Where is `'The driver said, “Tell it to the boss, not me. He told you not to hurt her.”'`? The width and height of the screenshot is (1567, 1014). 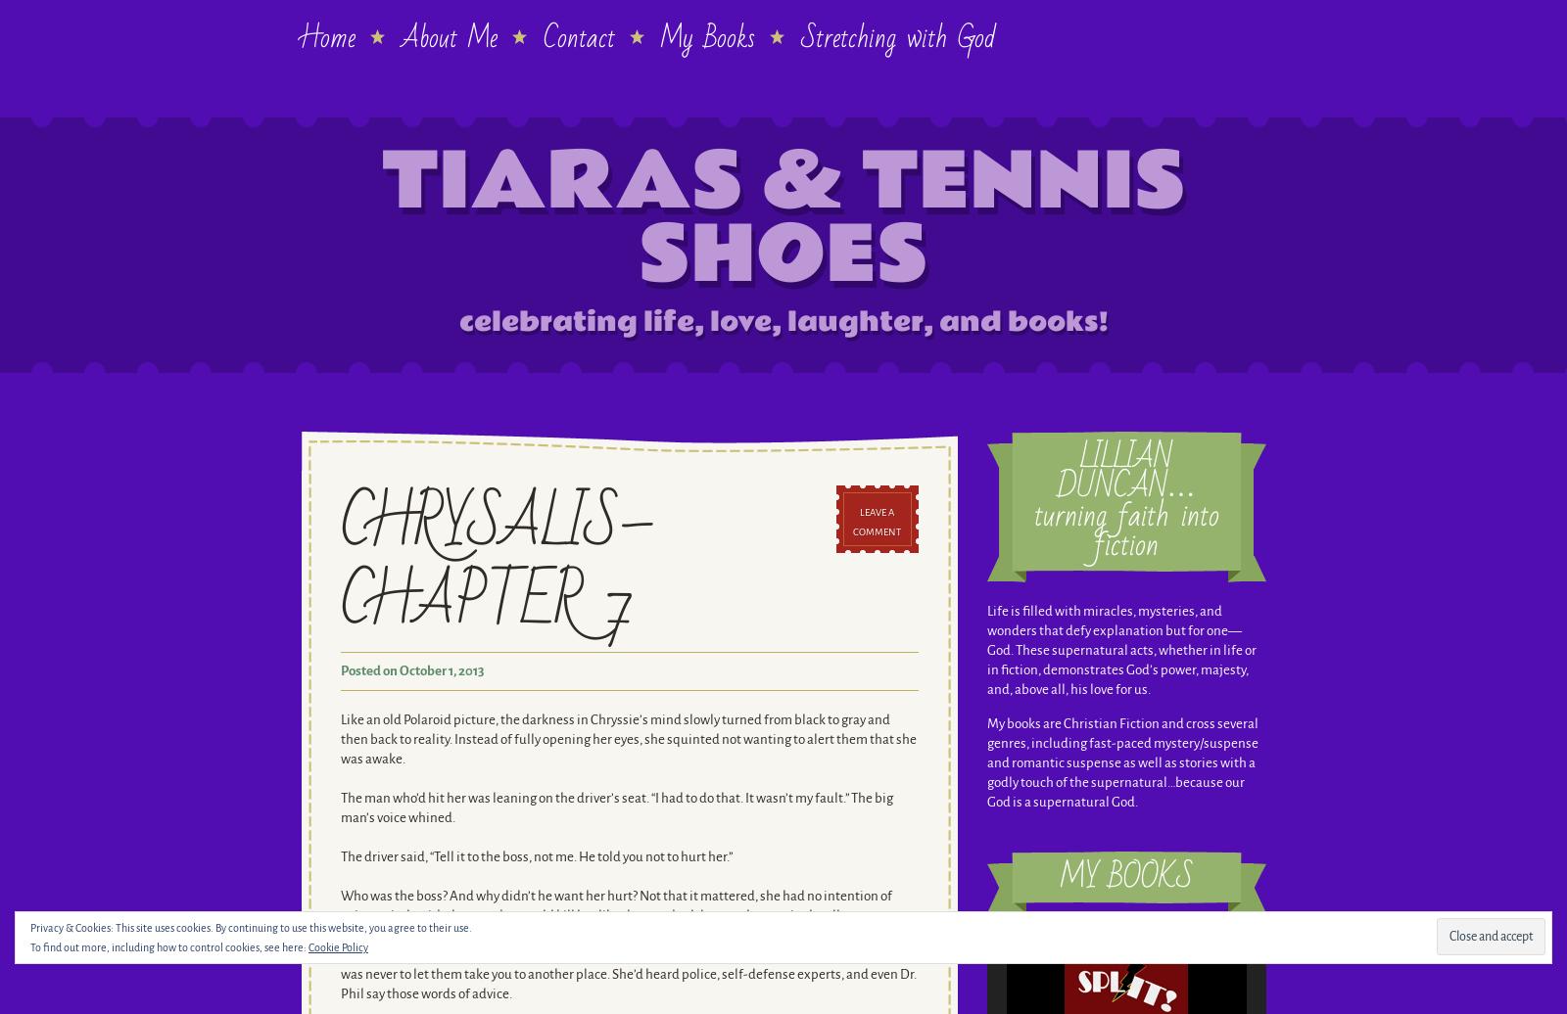 'The driver said, “Tell it to the boss, not me. He told you not to hurt her.”' is located at coordinates (340, 856).